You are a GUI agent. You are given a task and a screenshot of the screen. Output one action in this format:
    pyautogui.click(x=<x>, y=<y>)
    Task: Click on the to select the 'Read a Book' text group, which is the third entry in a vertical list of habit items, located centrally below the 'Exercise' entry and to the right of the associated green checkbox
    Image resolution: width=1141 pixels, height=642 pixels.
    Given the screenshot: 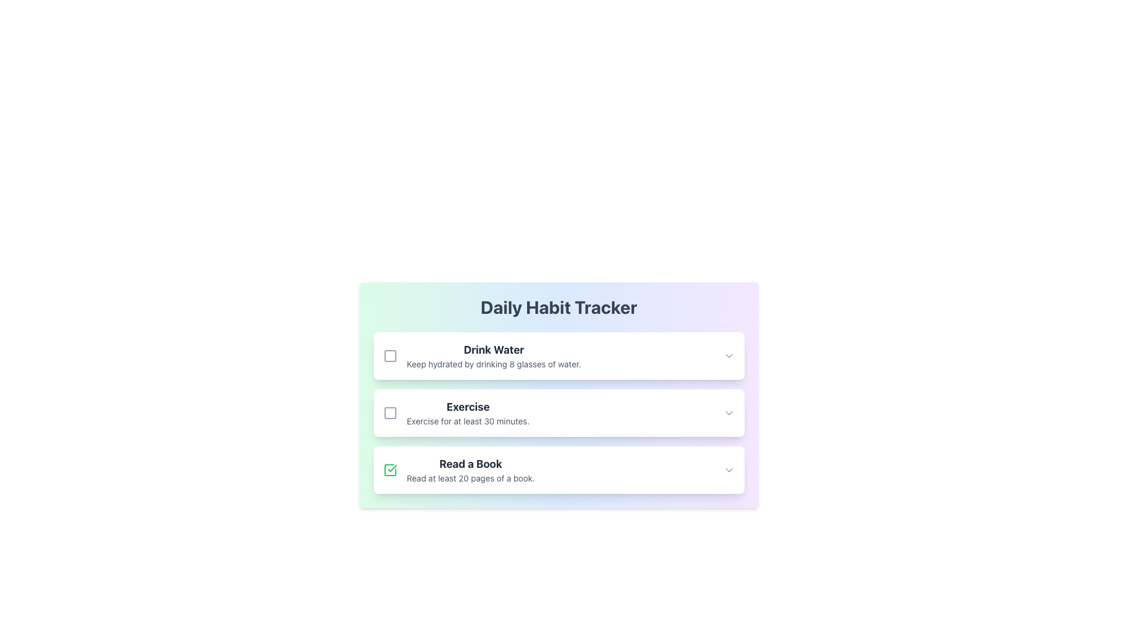 What is the action you would take?
    pyautogui.click(x=458, y=469)
    